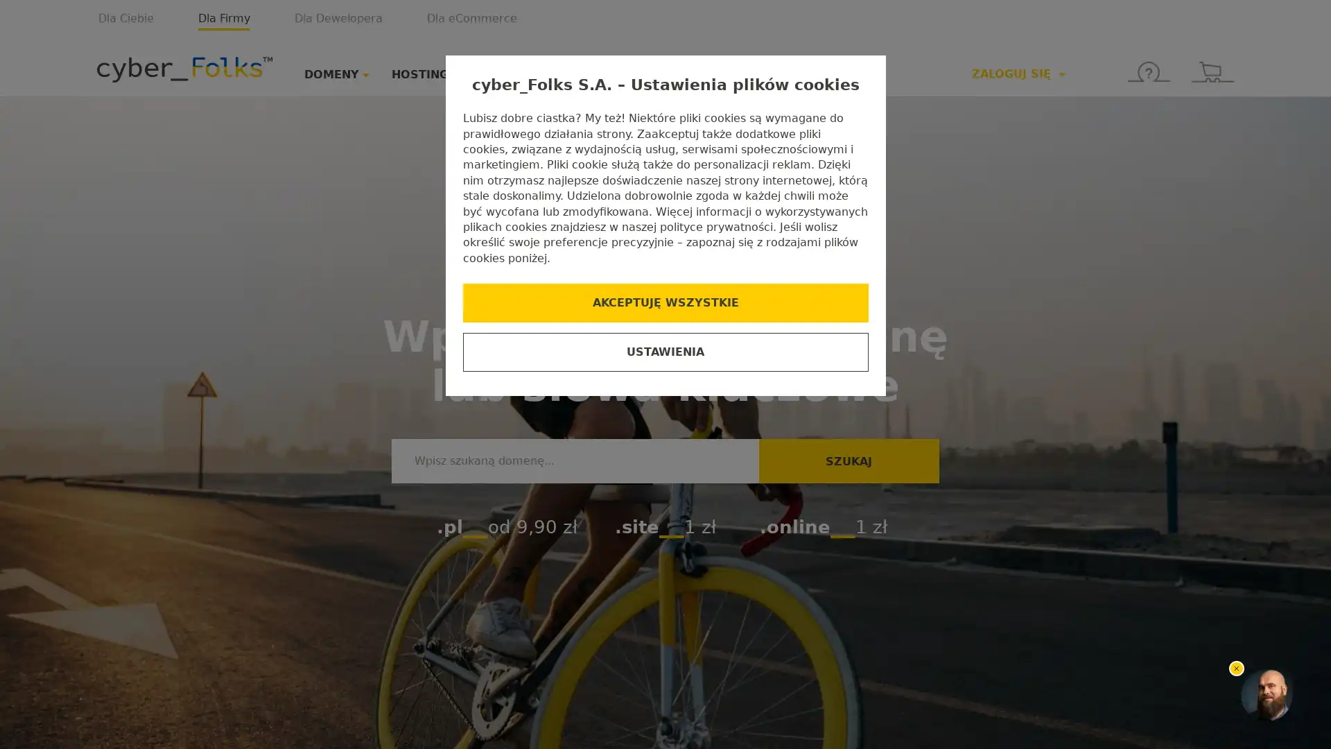 Image resolution: width=1331 pixels, height=749 pixels. What do you see at coordinates (664, 352) in the screenshot?
I see `USTAWIENIA` at bounding box center [664, 352].